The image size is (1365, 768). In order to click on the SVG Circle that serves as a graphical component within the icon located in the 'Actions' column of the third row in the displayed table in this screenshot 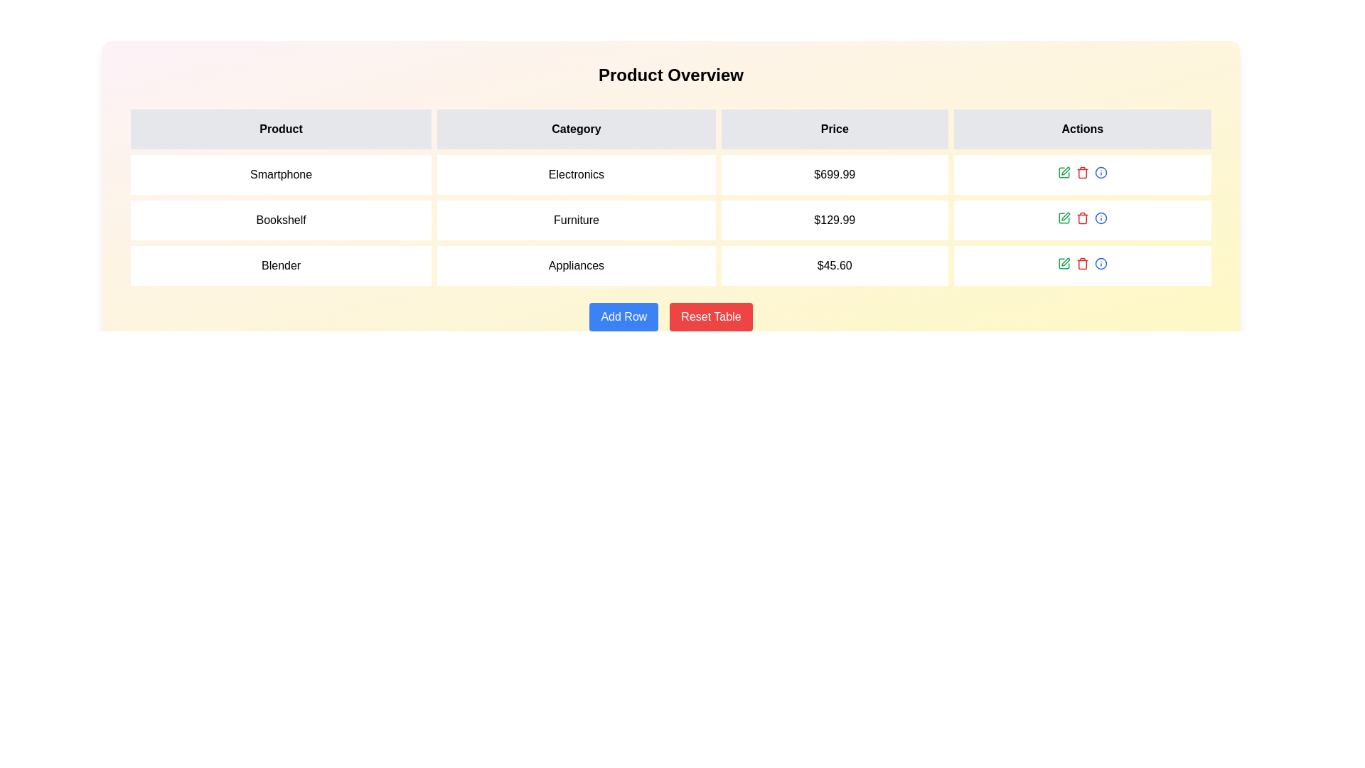, I will do `click(1100, 263)`.